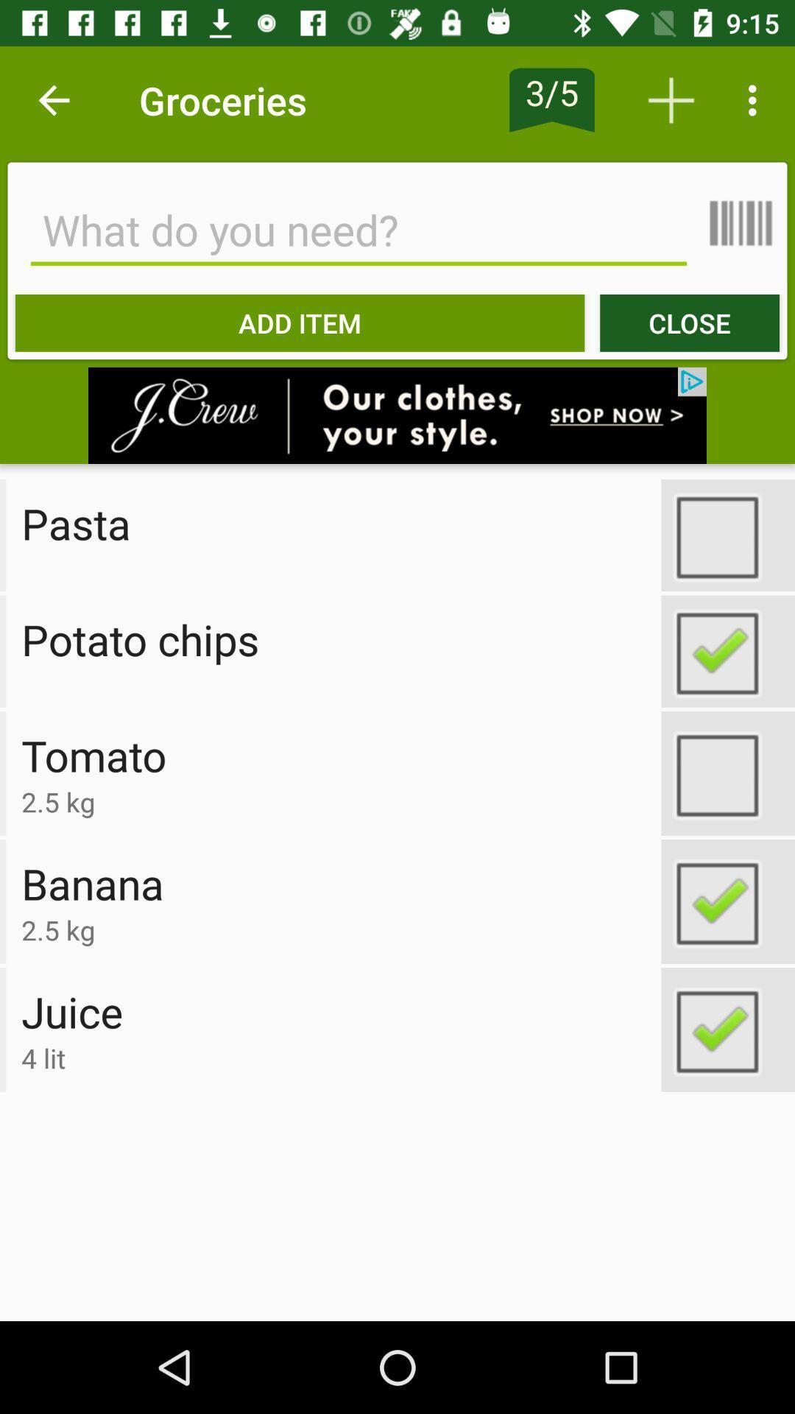 Image resolution: width=795 pixels, height=1414 pixels. I want to click on option, so click(727, 650).